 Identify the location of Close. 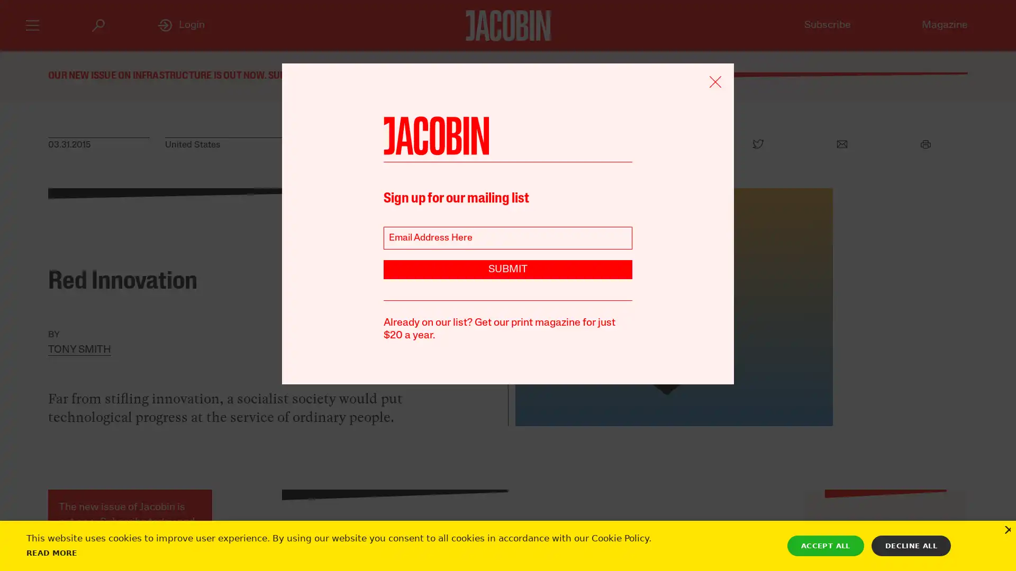
(1006, 529).